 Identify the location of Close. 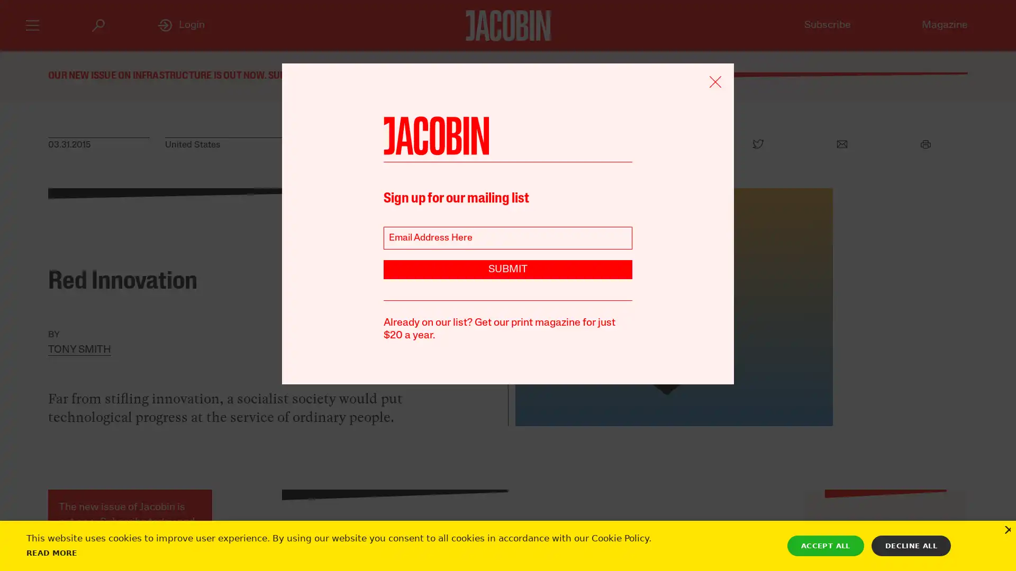
(1006, 529).